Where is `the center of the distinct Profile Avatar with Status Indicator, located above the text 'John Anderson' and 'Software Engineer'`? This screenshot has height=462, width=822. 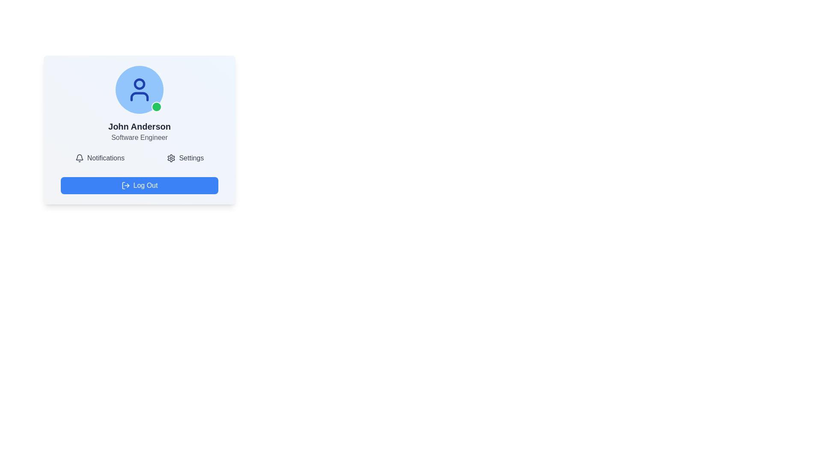 the center of the distinct Profile Avatar with Status Indicator, located above the text 'John Anderson' and 'Software Engineer' is located at coordinates (140, 89).